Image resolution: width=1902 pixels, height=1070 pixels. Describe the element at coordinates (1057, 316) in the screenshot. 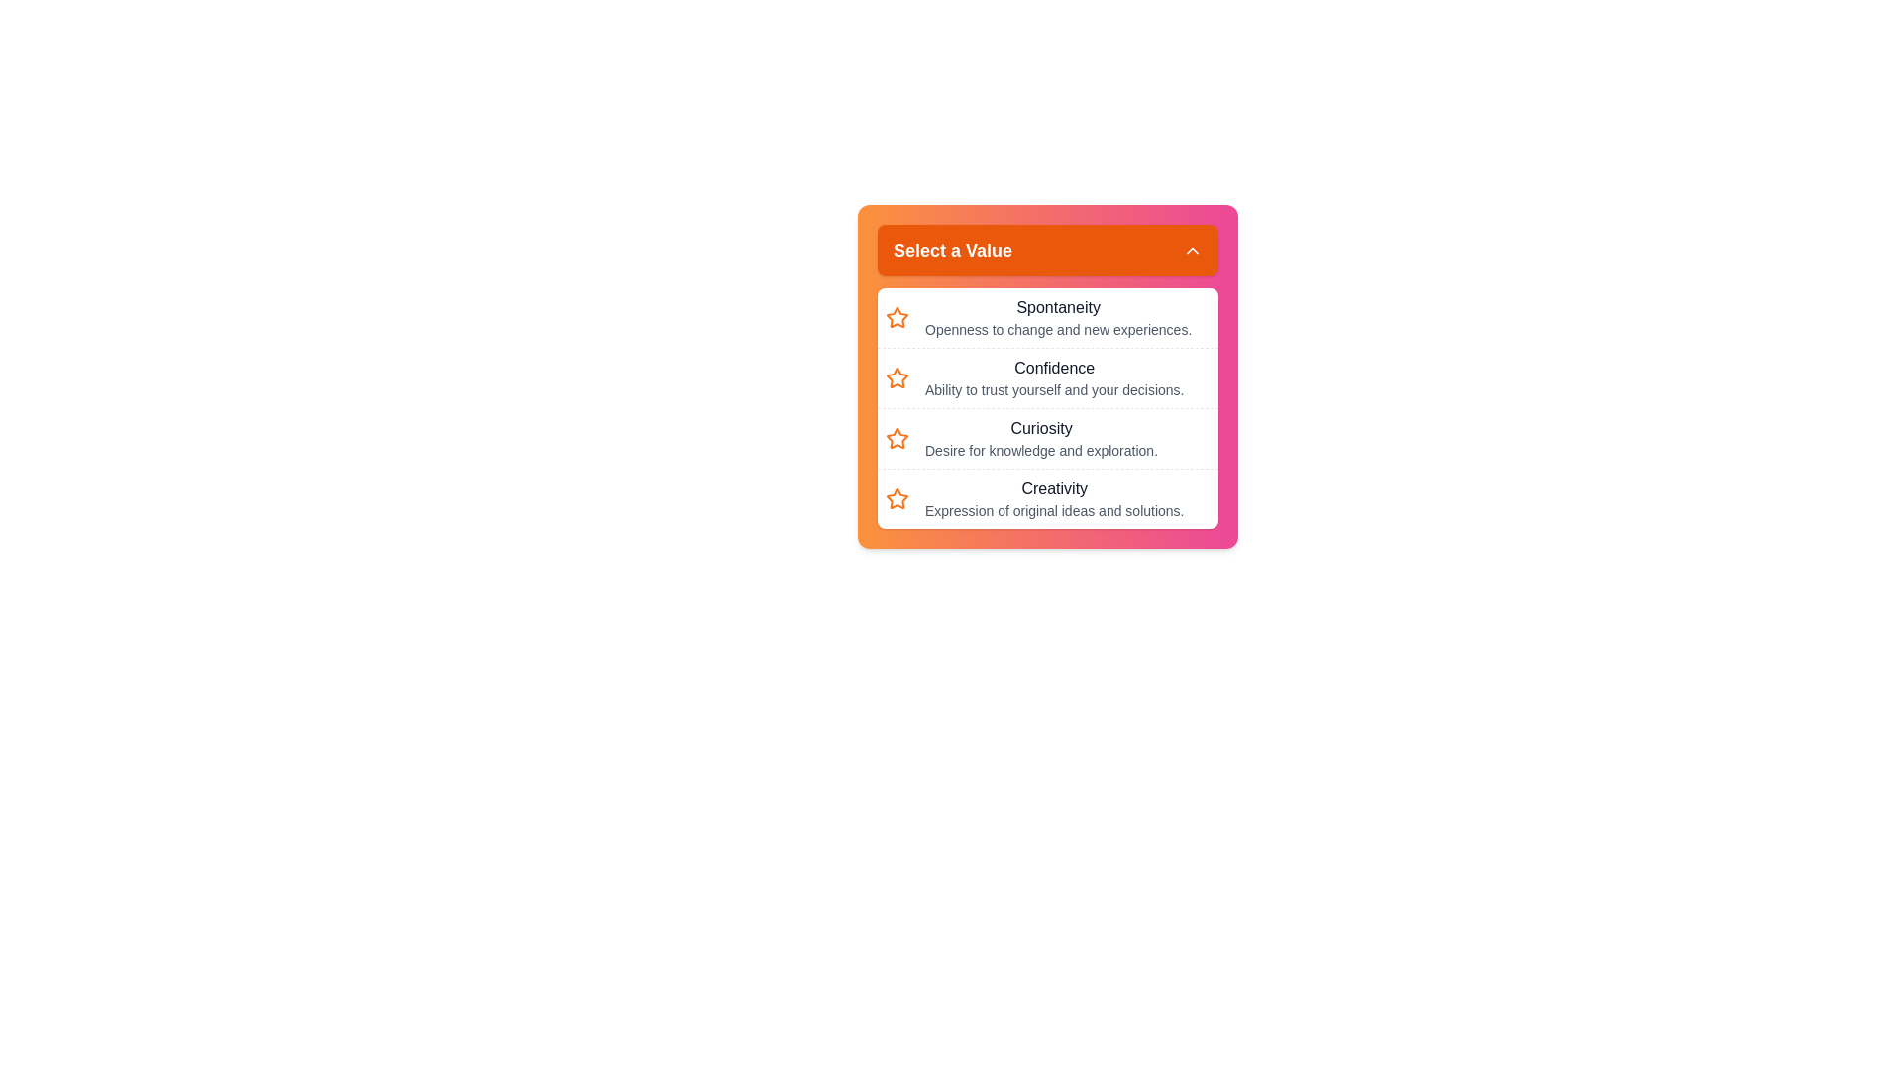

I see `the 'Spontaneity' option in the drop-down menu labeled 'Select a Value'` at that location.